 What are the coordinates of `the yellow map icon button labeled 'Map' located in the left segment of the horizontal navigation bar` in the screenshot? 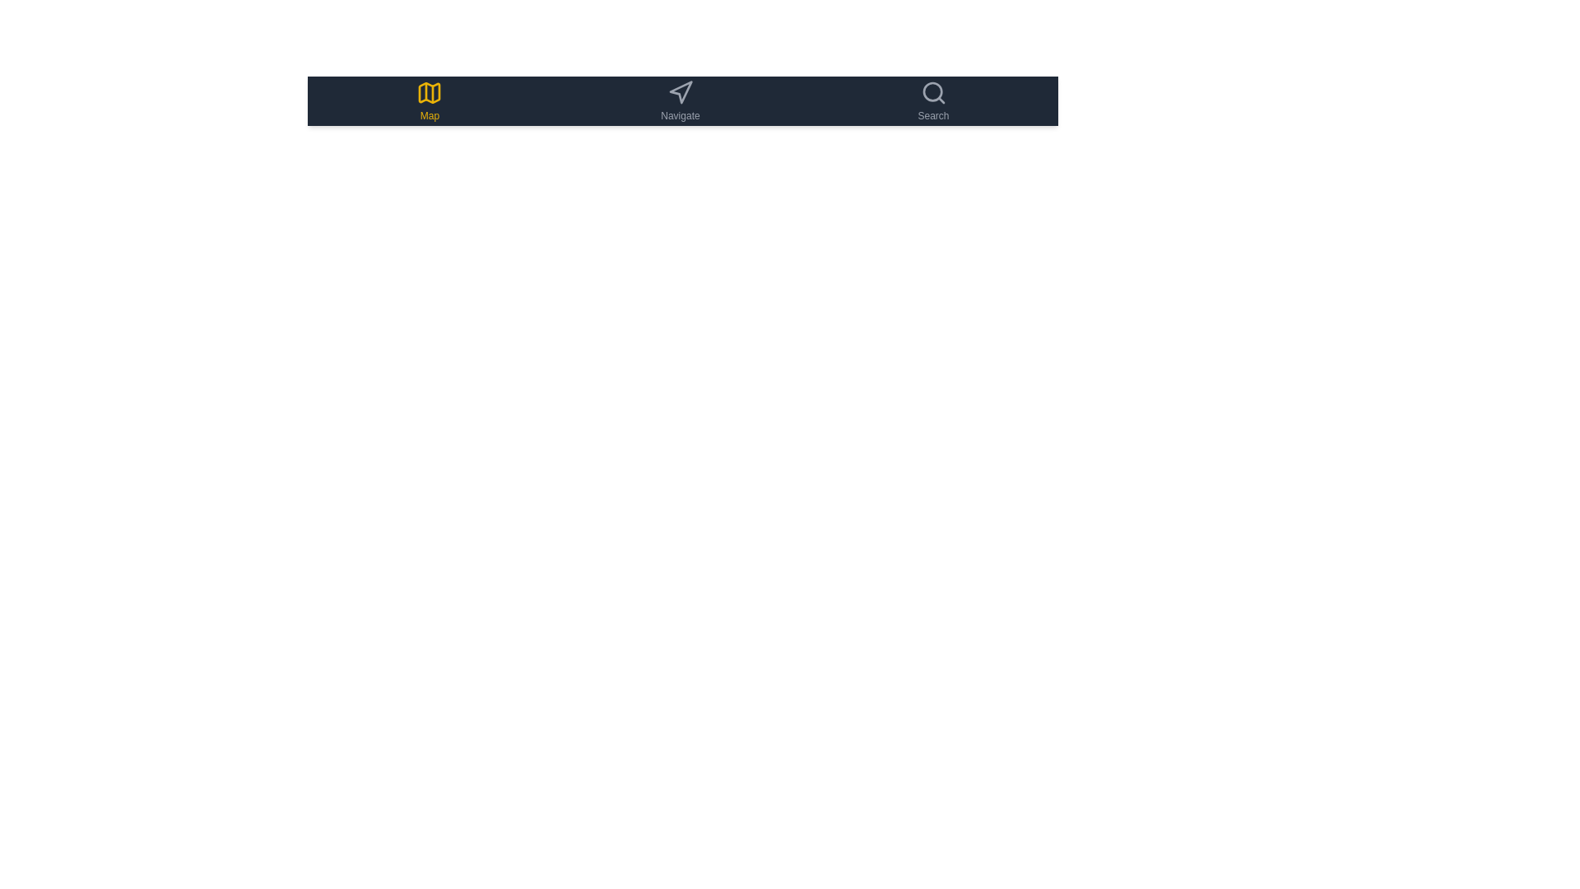 It's located at (430, 101).